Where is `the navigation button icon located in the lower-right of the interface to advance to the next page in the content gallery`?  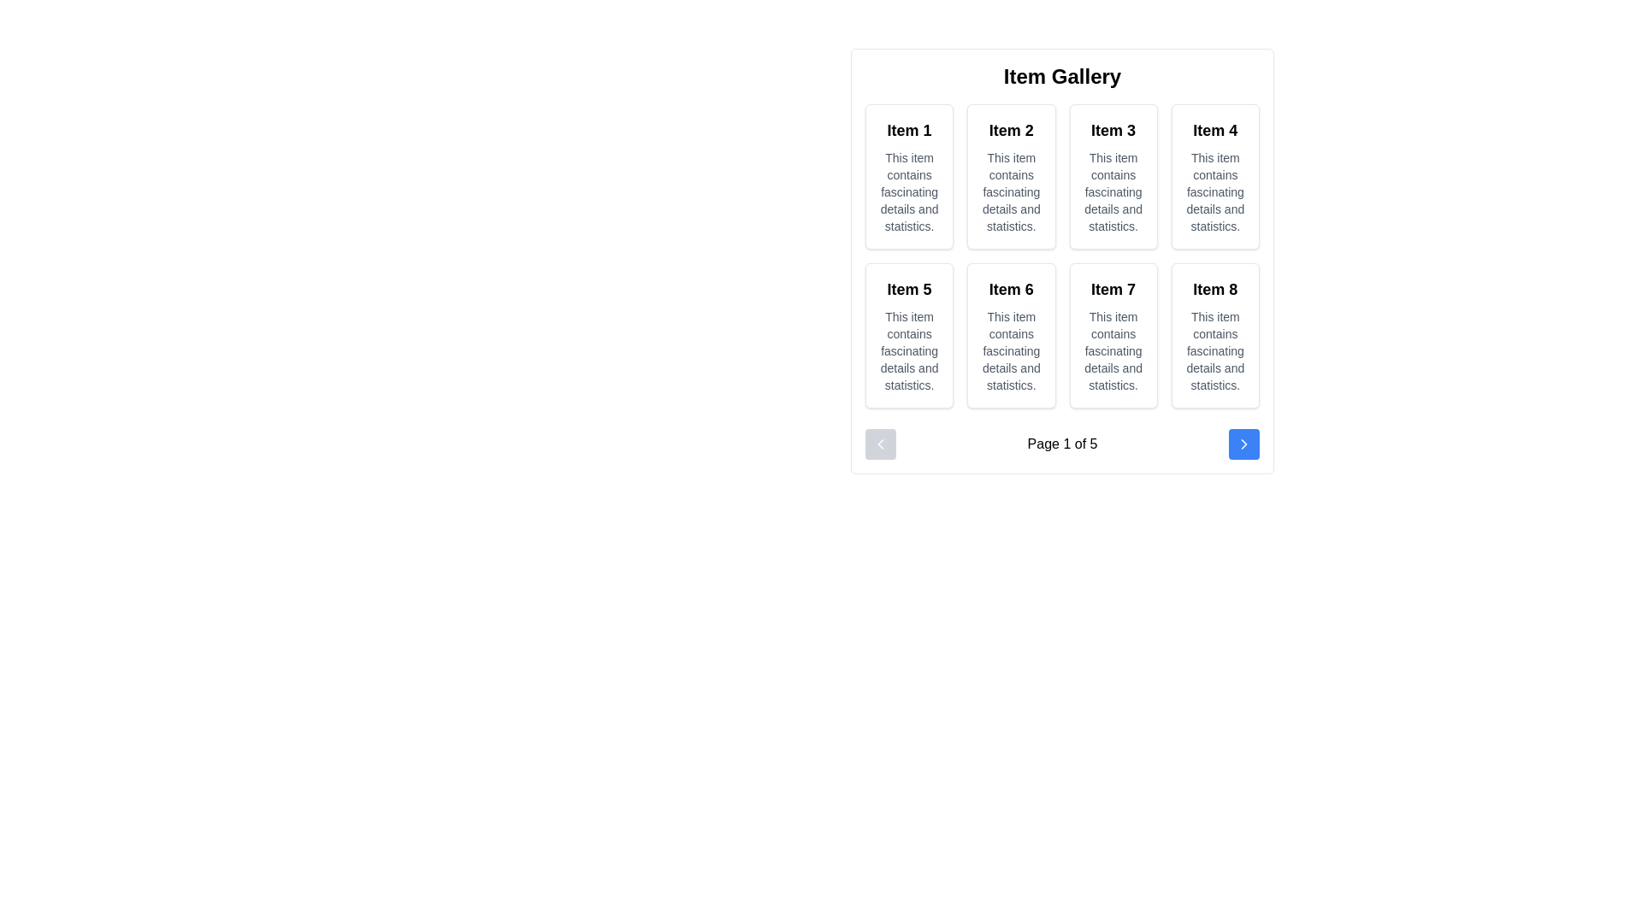
the navigation button icon located in the lower-right of the interface to advance to the next page in the content gallery is located at coordinates (1243, 444).